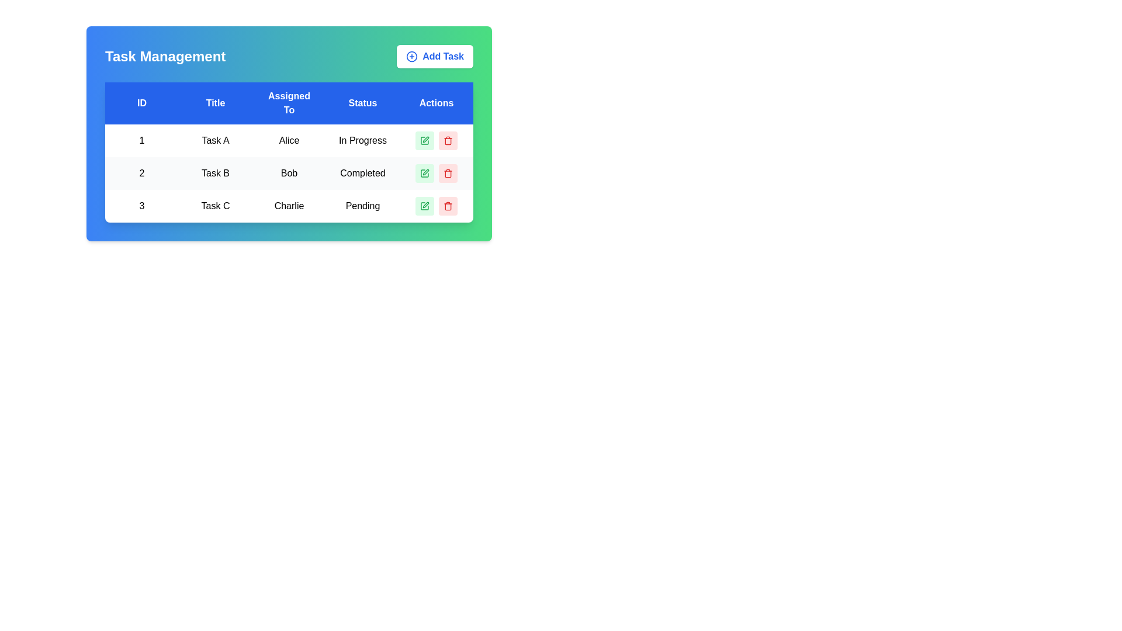  I want to click on content 'Task C' from the table cell located in the third row under the 'Title' column, so click(216, 206).